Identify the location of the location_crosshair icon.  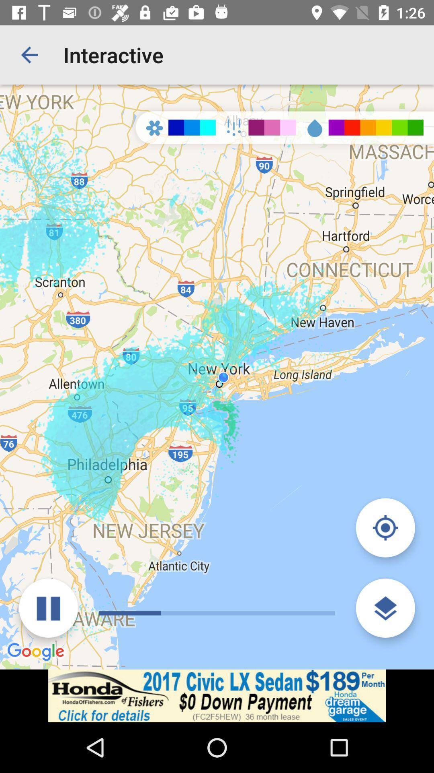
(385, 527).